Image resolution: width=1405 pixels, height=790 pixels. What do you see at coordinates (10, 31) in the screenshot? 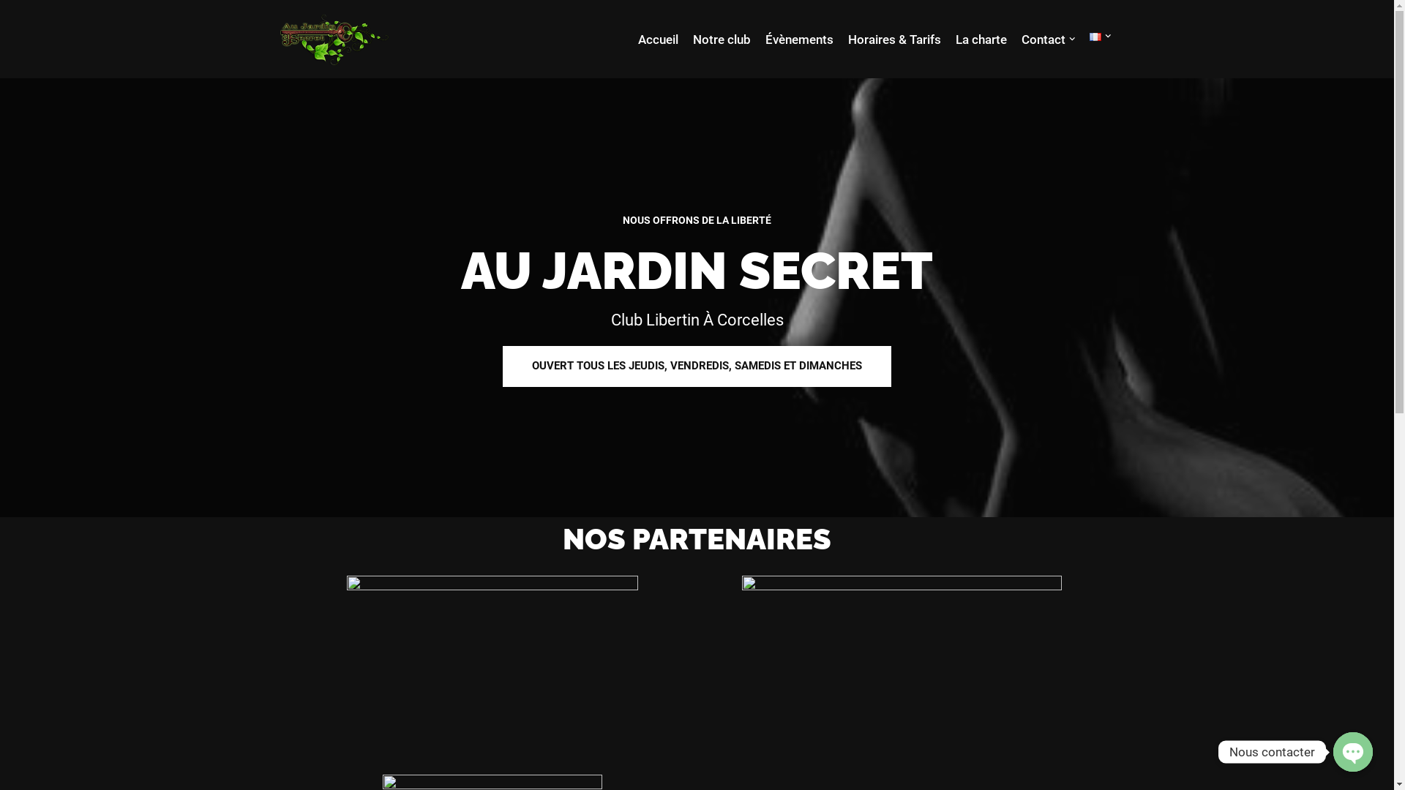
I see `'Aller au contenu'` at bounding box center [10, 31].